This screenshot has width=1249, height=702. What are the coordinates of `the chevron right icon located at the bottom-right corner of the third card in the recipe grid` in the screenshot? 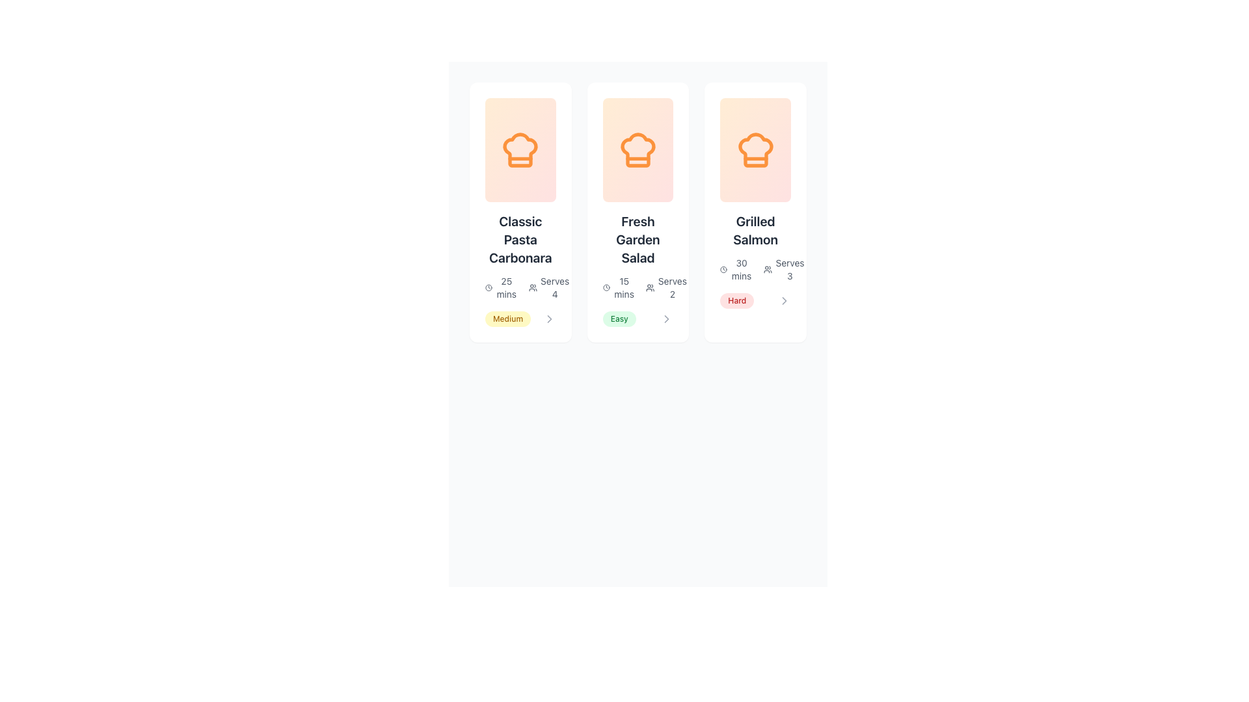 It's located at (783, 300).